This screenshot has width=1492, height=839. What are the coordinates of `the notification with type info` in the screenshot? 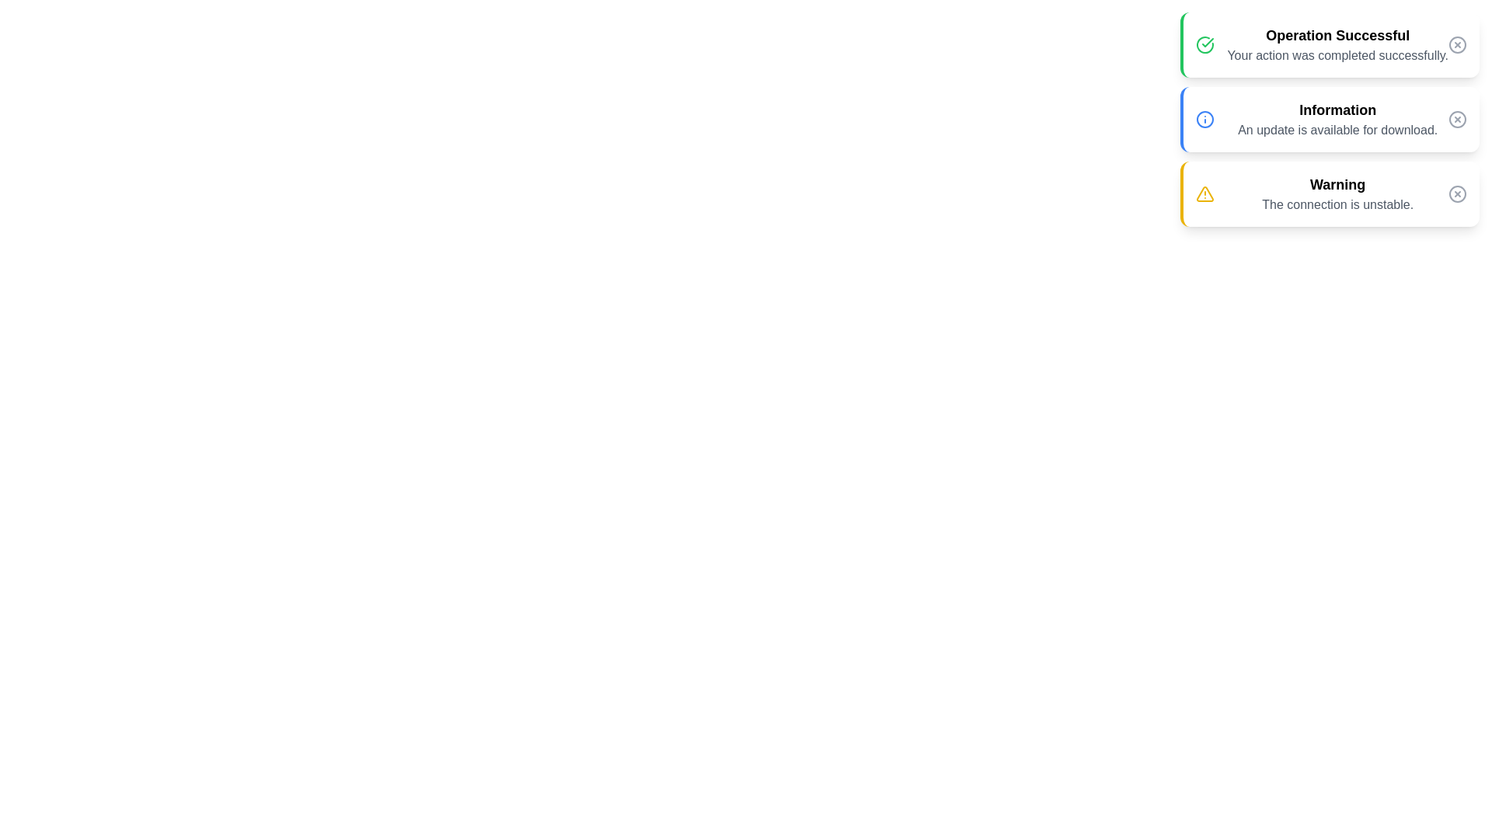 It's located at (1328, 119).